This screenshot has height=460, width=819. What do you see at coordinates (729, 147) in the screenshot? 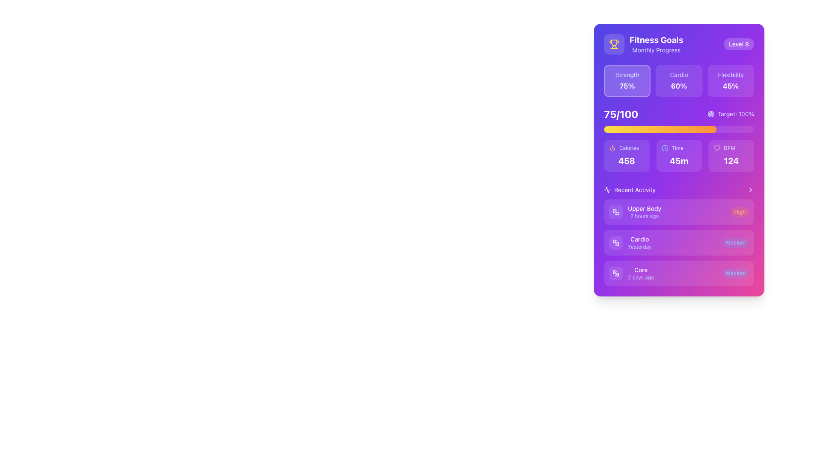
I see `the 'BPM' text label in the metrics section of the fitness goals card, located near the top-right corner and to the right of the pink heart icon` at bounding box center [729, 147].